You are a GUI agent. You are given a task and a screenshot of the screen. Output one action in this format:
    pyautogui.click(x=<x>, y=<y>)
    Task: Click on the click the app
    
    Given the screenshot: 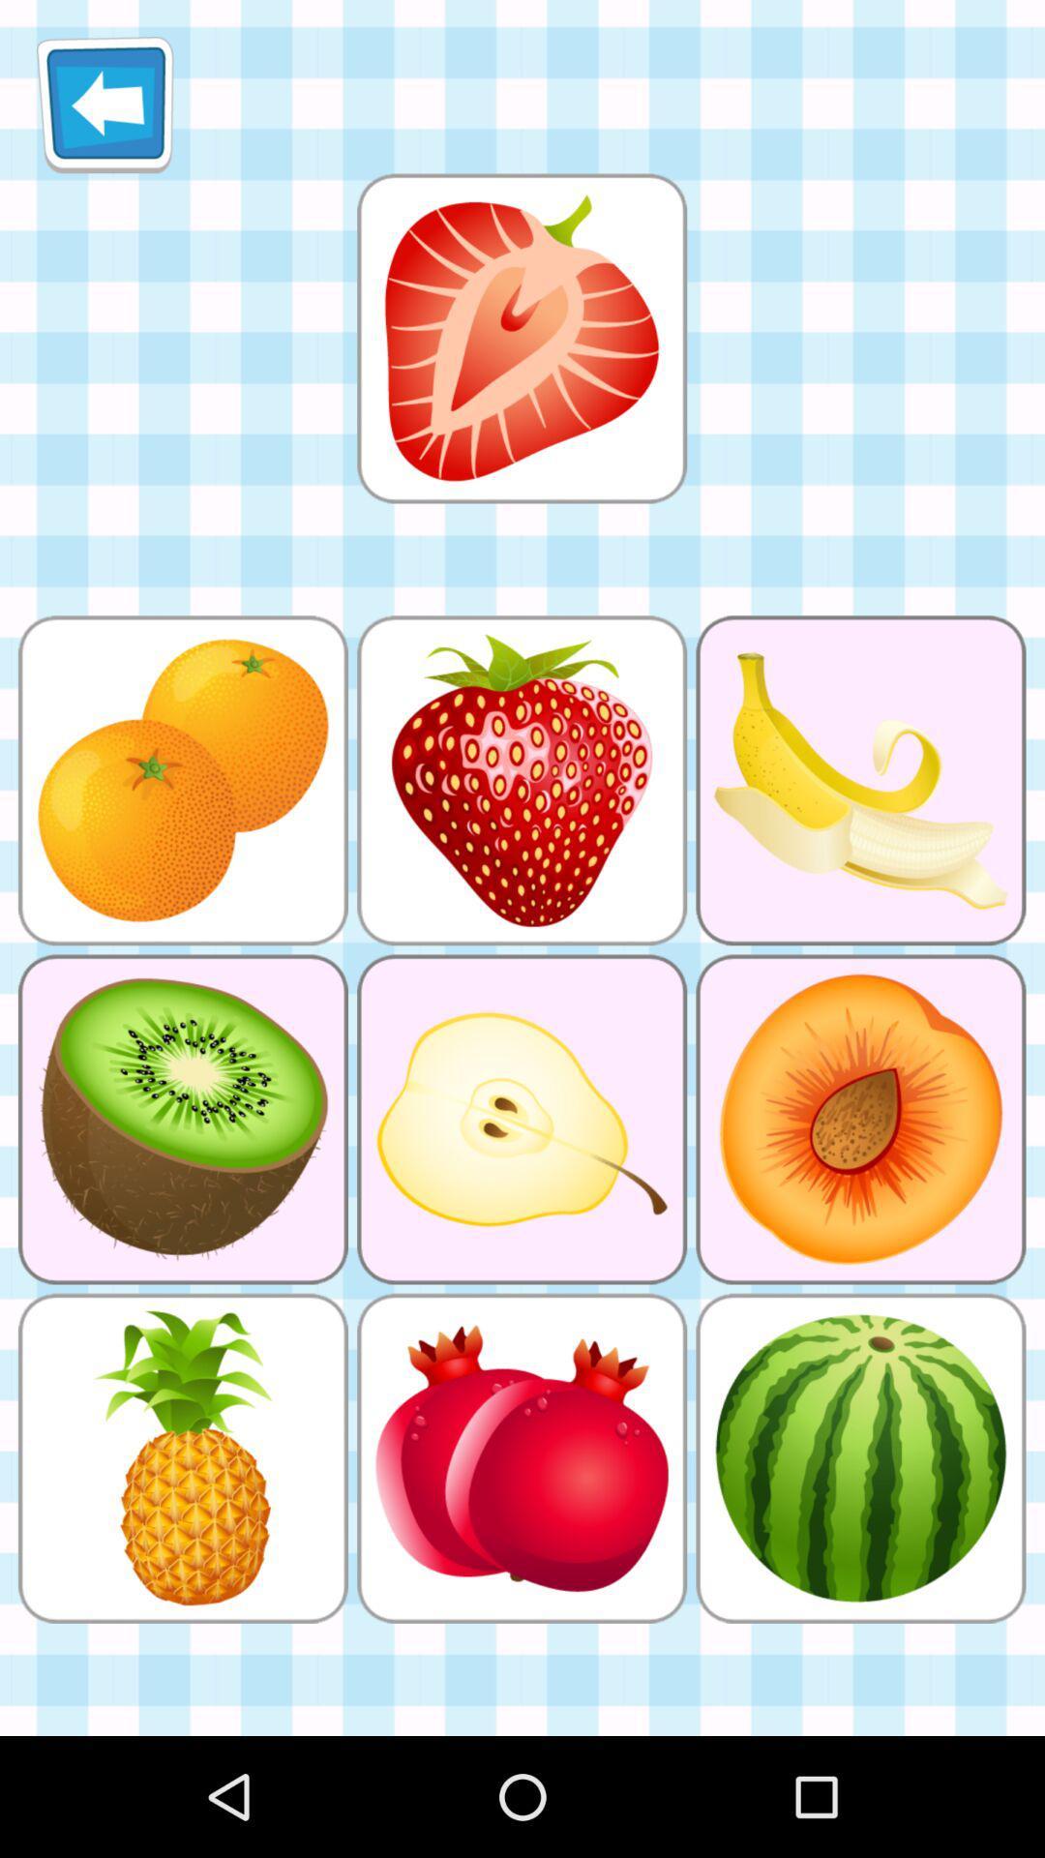 What is the action you would take?
    pyautogui.click(x=521, y=338)
    